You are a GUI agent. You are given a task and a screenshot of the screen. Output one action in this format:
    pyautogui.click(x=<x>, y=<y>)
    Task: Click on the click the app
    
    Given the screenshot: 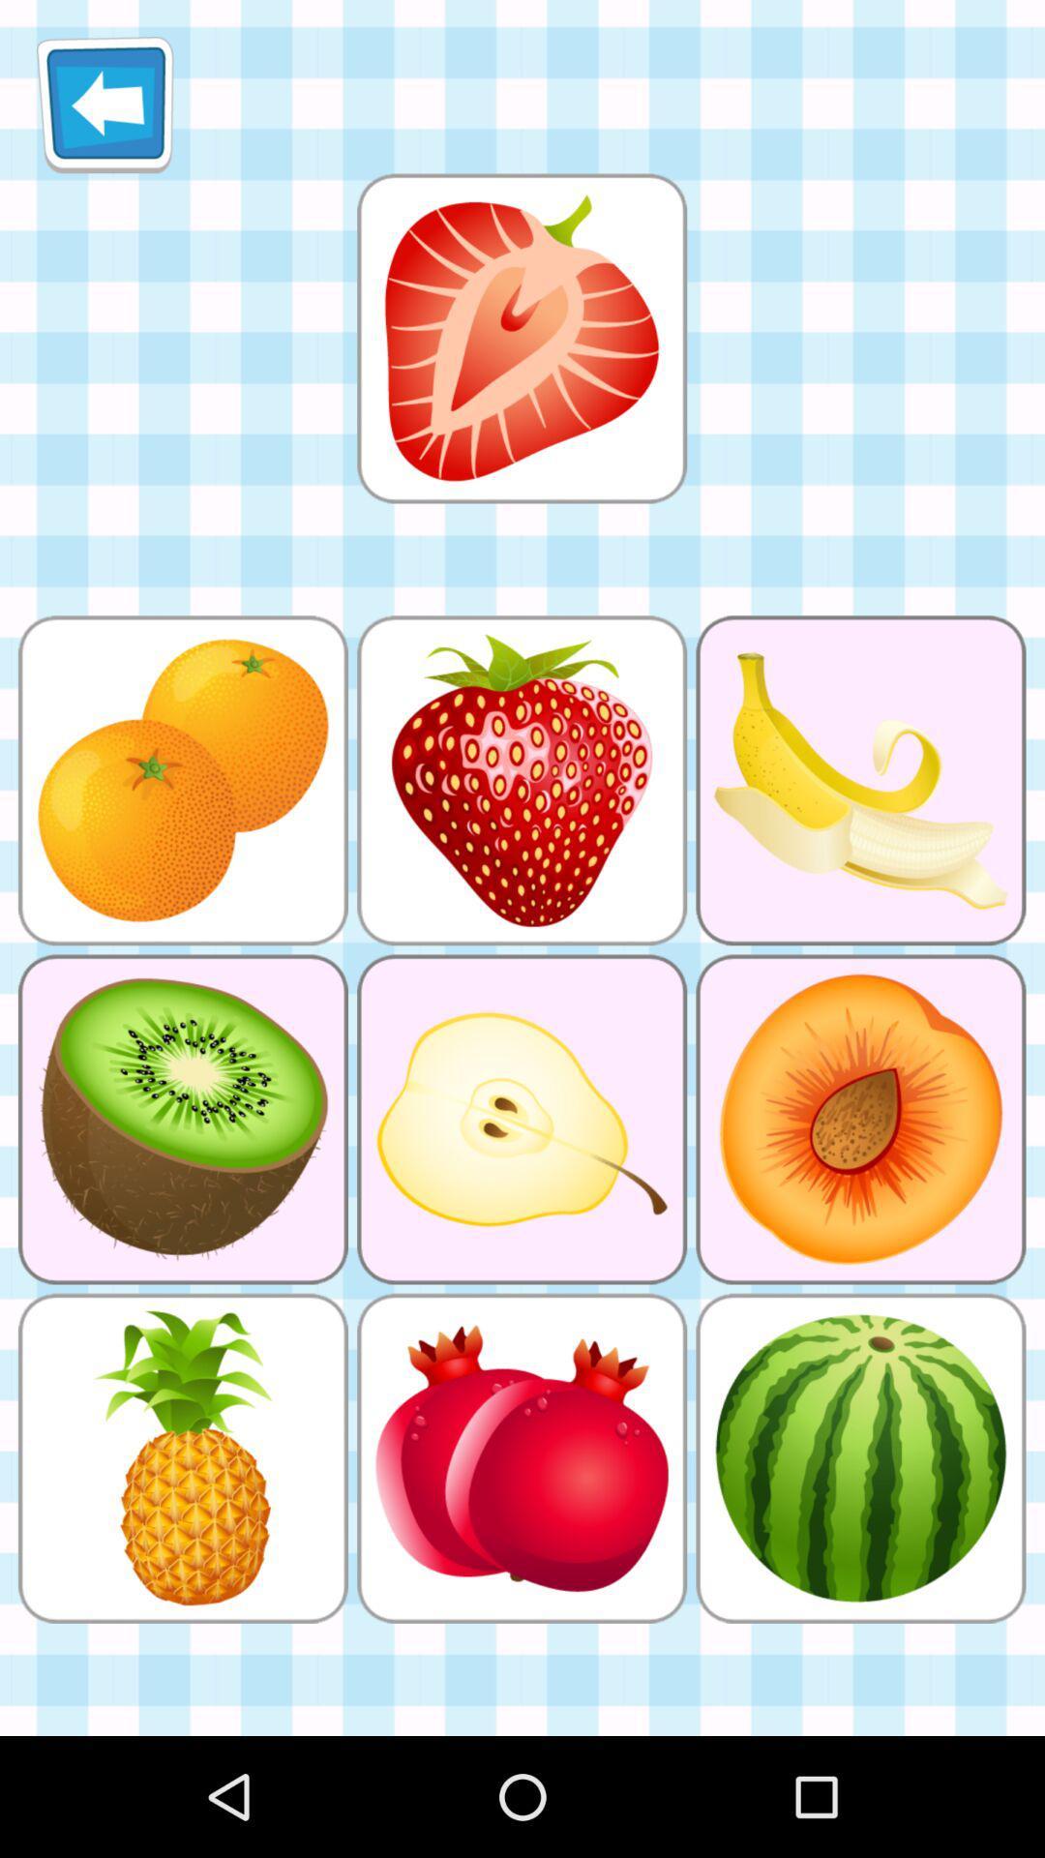 What is the action you would take?
    pyautogui.click(x=521, y=338)
    